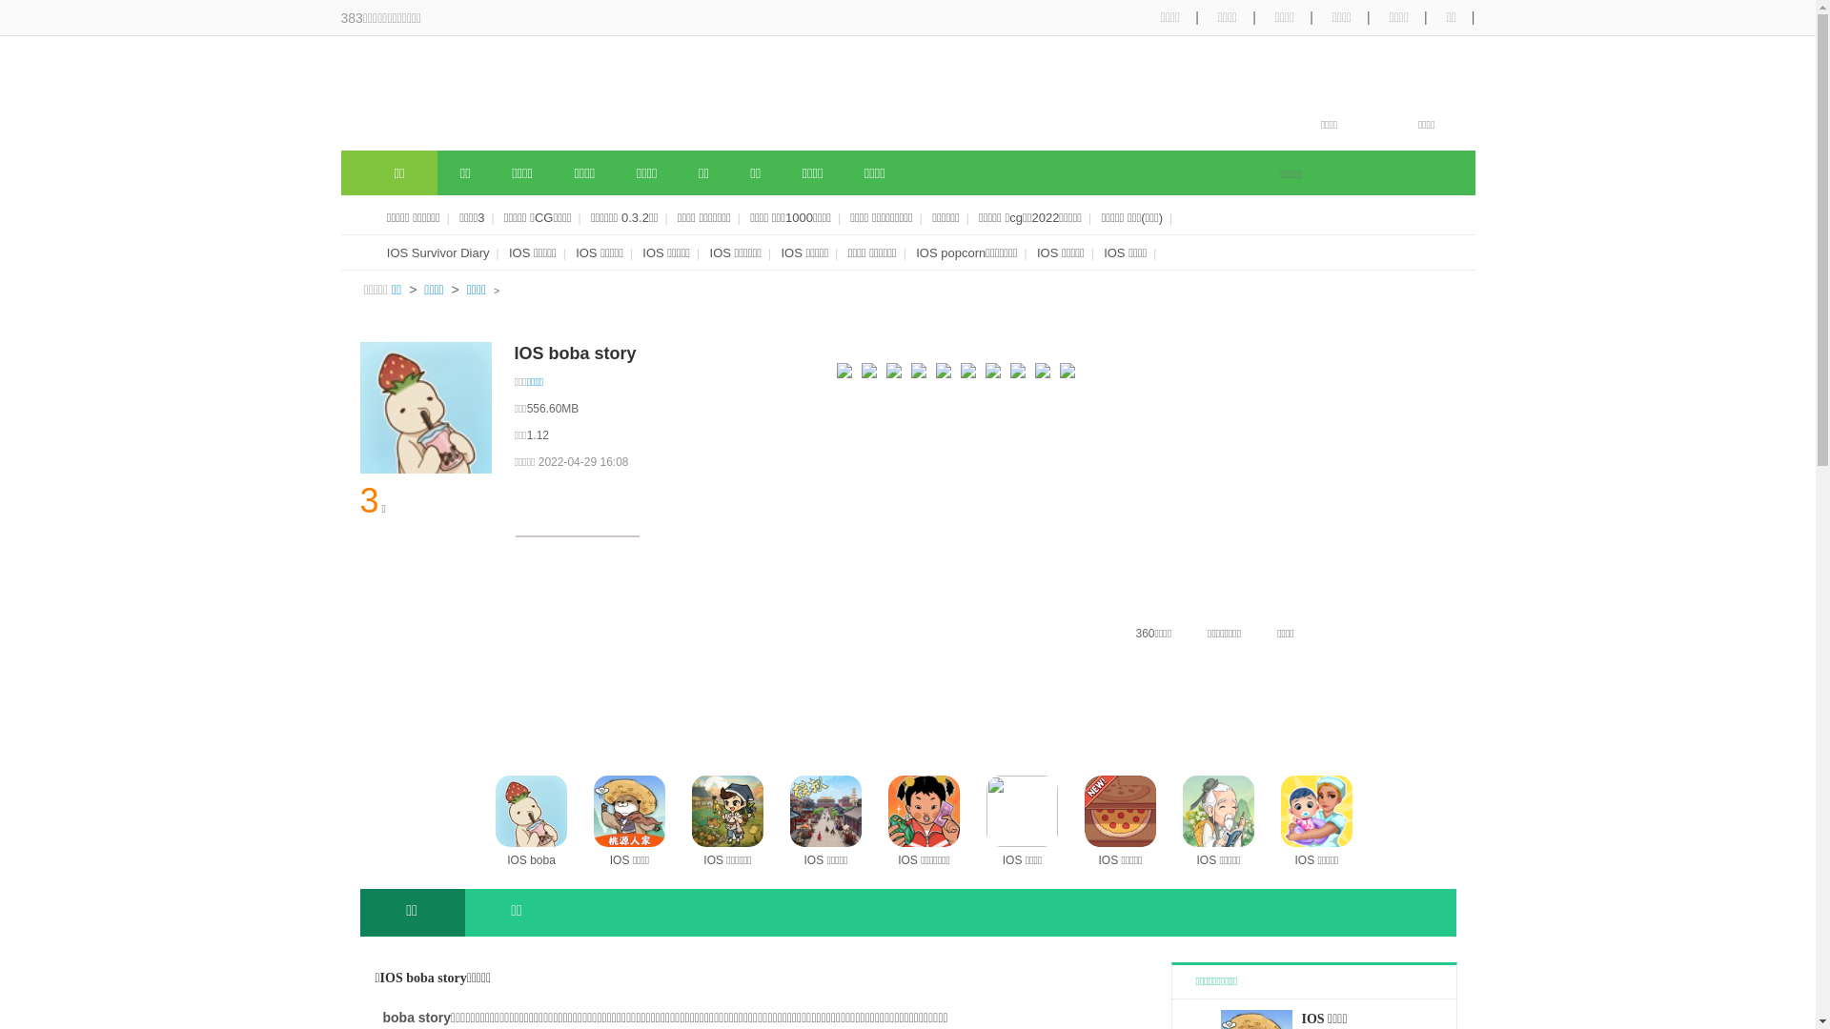  What do you see at coordinates (495, 821) in the screenshot?
I see `'IOS boba story'` at bounding box center [495, 821].